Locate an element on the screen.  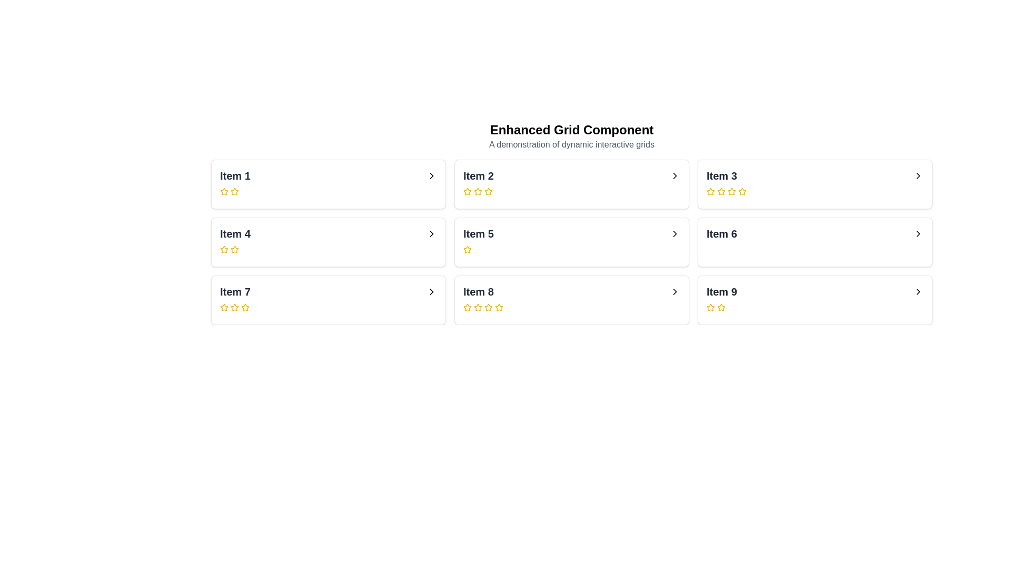
the static text label styled as a header located in the second row and first column of the grid layout, which denotes a section within the UI is located at coordinates (234, 233).